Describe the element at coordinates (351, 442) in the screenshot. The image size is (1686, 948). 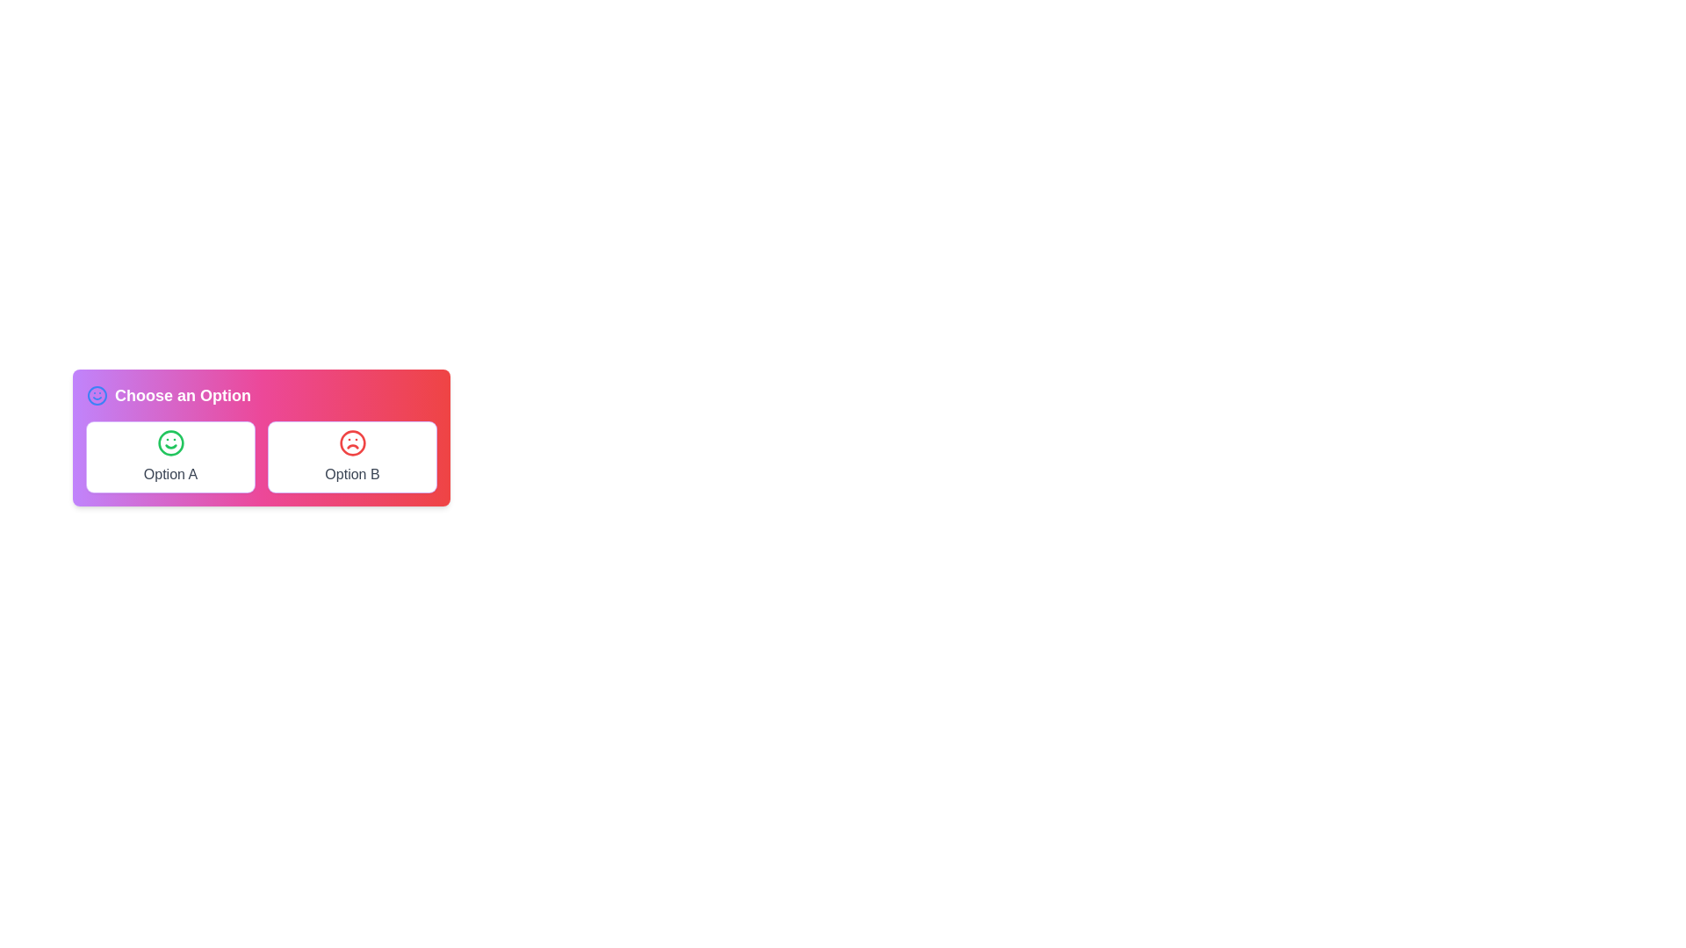
I see `the circular red icon with a frowning face located in the 'Option B' section` at that location.